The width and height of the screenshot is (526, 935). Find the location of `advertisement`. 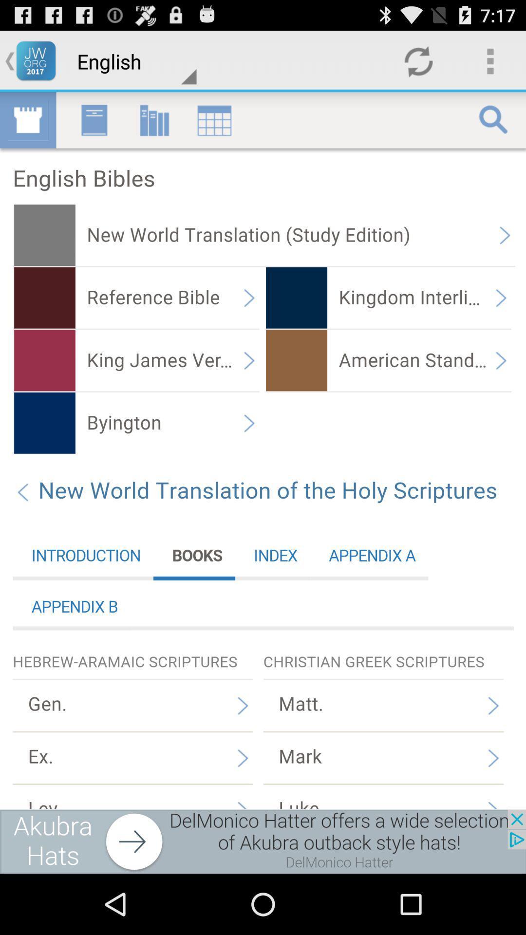

advertisement is located at coordinates (263, 841).